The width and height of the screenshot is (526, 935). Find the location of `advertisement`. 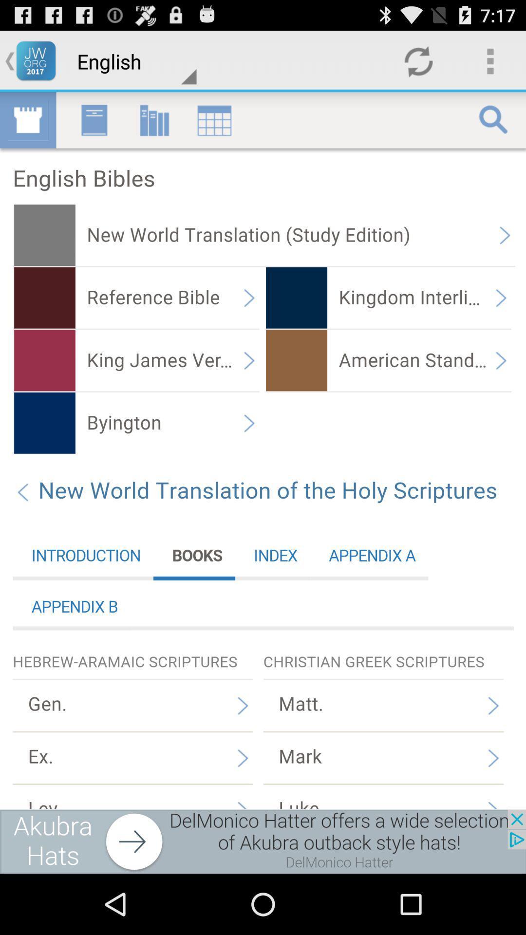

advertisement is located at coordinates (263, 841).